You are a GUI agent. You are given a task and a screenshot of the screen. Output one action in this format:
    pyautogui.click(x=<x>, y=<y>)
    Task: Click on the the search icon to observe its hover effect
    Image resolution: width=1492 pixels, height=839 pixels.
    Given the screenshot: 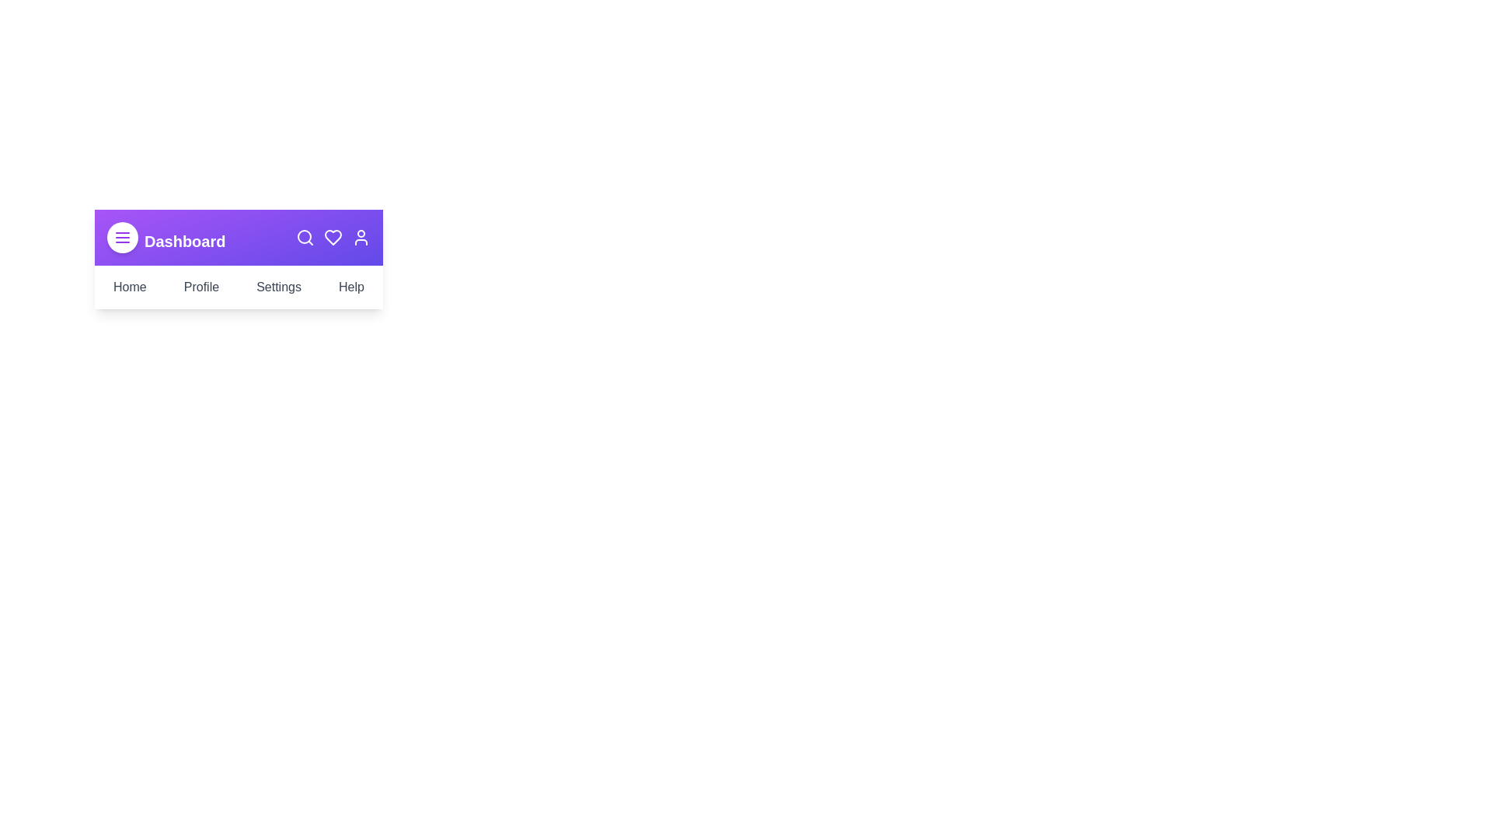 What is the action you would take?
    pyautogui.click(x=305, y=237)
    